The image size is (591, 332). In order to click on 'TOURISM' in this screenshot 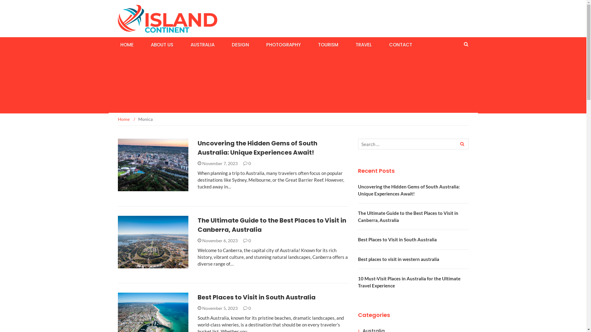, I will do `click(328, 44)`.